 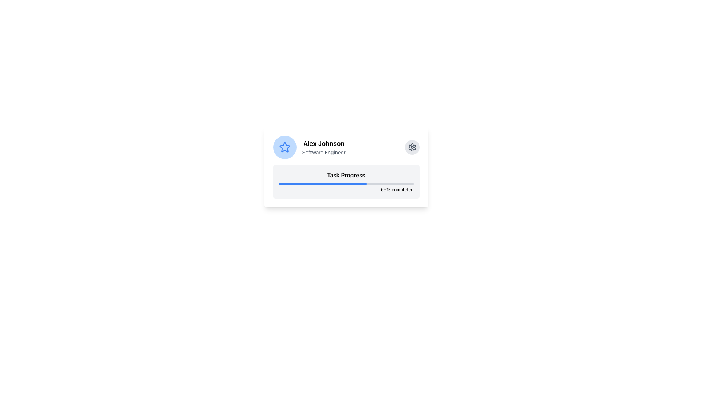 What do you see at coordinates (412, 147) in the screenshot?
I see `the gear icon in the top-right corner of the main card interface` at bounding box center [412, 147].